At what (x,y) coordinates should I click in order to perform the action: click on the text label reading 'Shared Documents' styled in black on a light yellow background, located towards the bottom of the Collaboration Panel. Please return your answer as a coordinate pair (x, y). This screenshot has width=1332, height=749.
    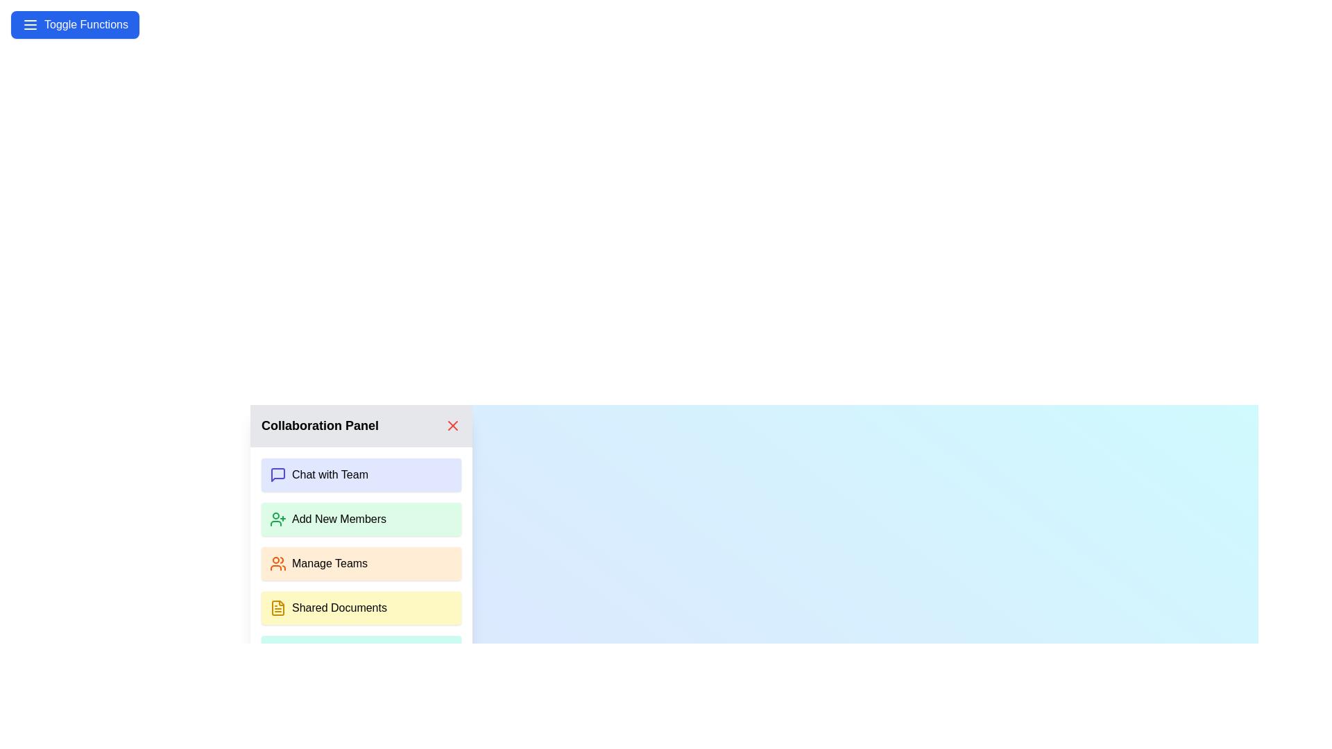
    Looking at the image, I should click on (339, 607).